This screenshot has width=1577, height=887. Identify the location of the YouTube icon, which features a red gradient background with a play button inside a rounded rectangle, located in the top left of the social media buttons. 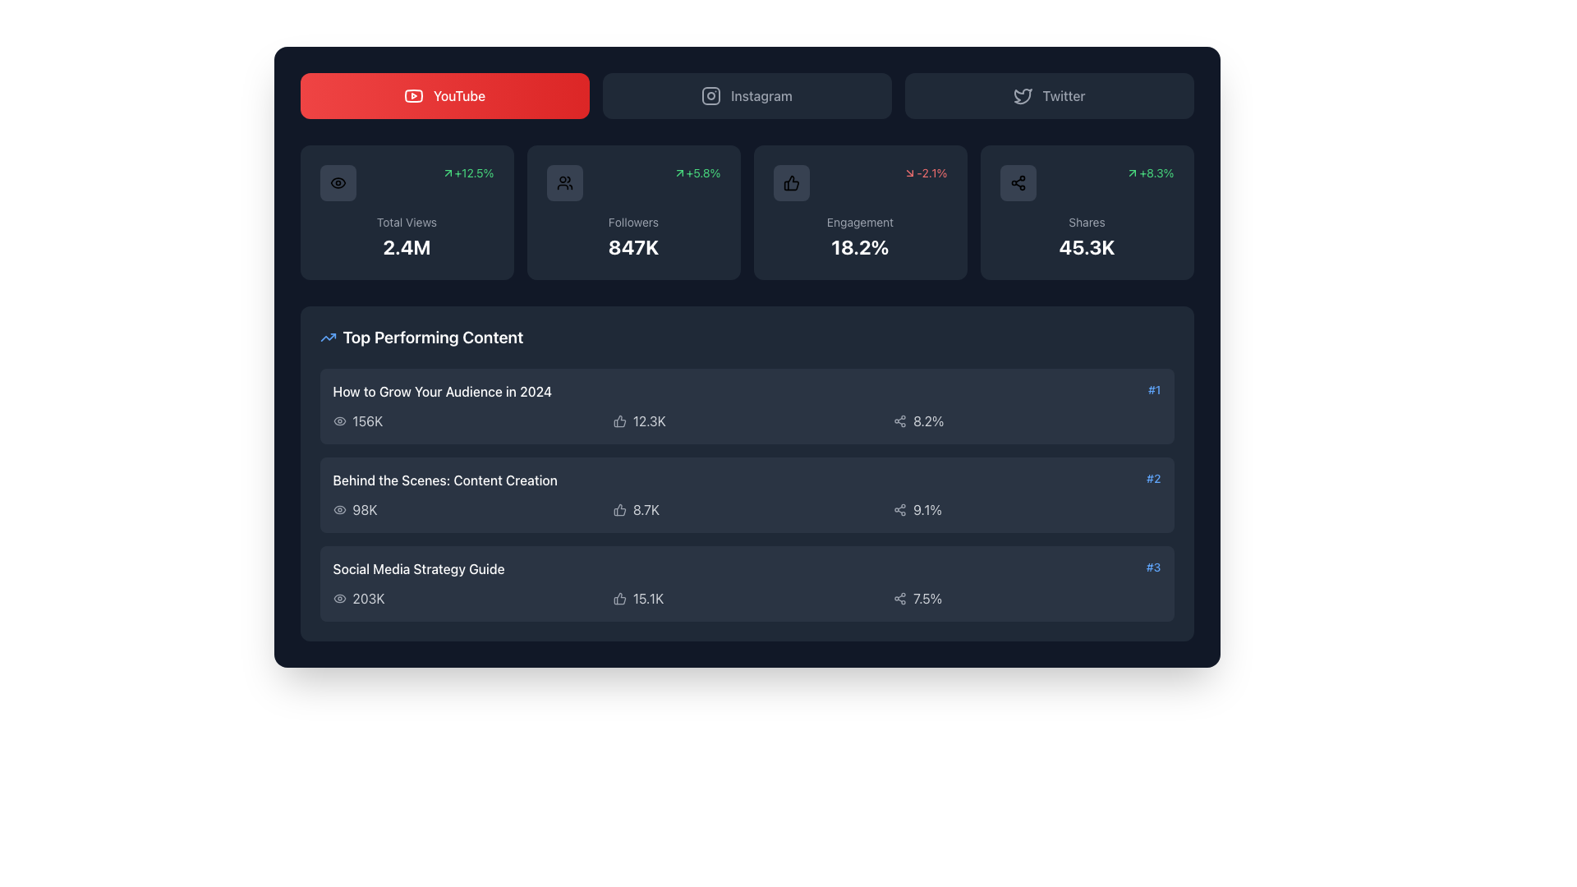
(413, 95).